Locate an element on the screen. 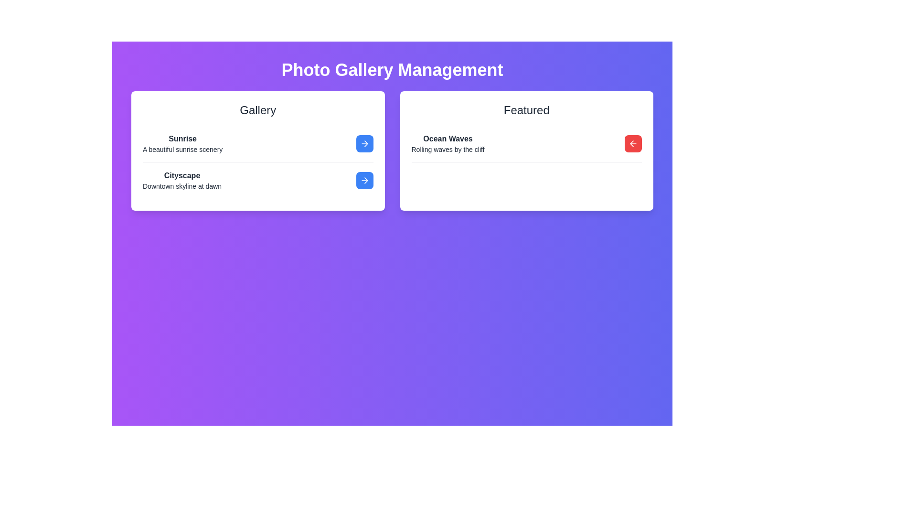 This screenshot has width=917, height=516. the second button in the 'Gallery' section, which is an icon shaped like a rightward arrow with white strokes on a blue circular background is located at coordinates (364, 181).